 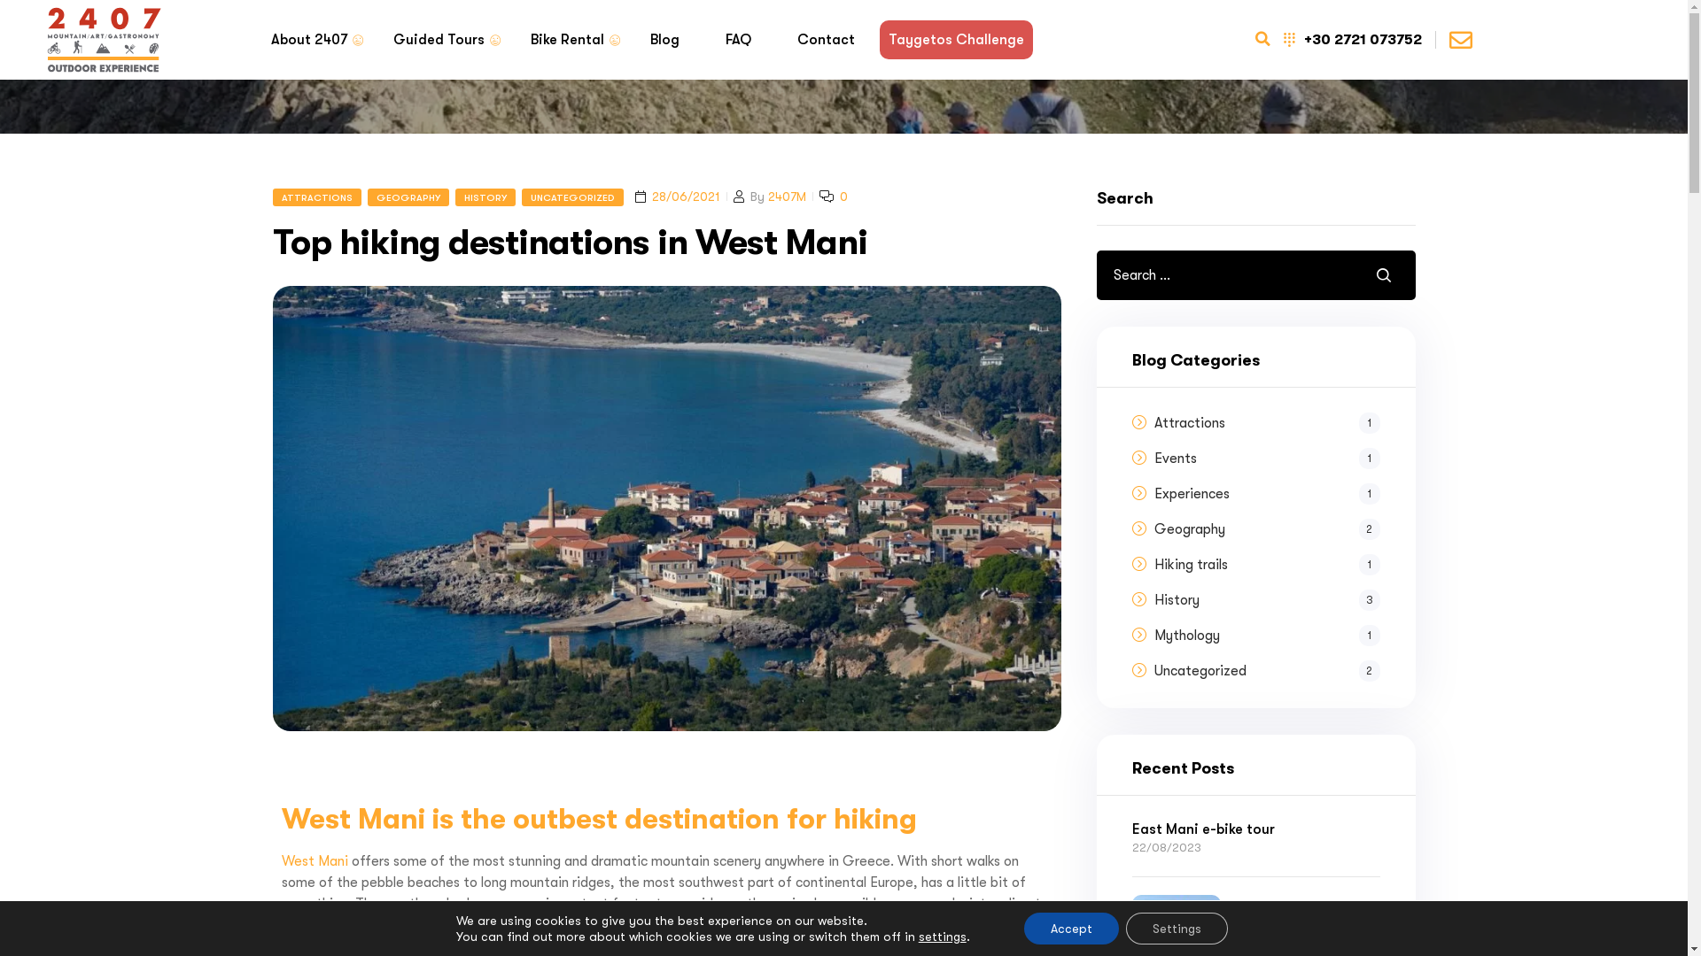 I want to click on 'Hiking trails, so click(x=1266, y=564).